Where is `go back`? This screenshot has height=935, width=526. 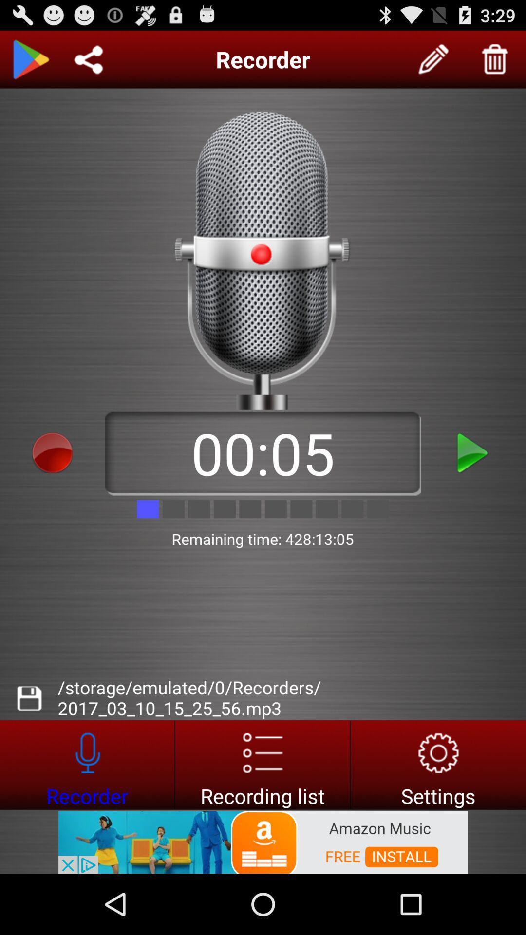 go back is located at coordinates (30, 59).